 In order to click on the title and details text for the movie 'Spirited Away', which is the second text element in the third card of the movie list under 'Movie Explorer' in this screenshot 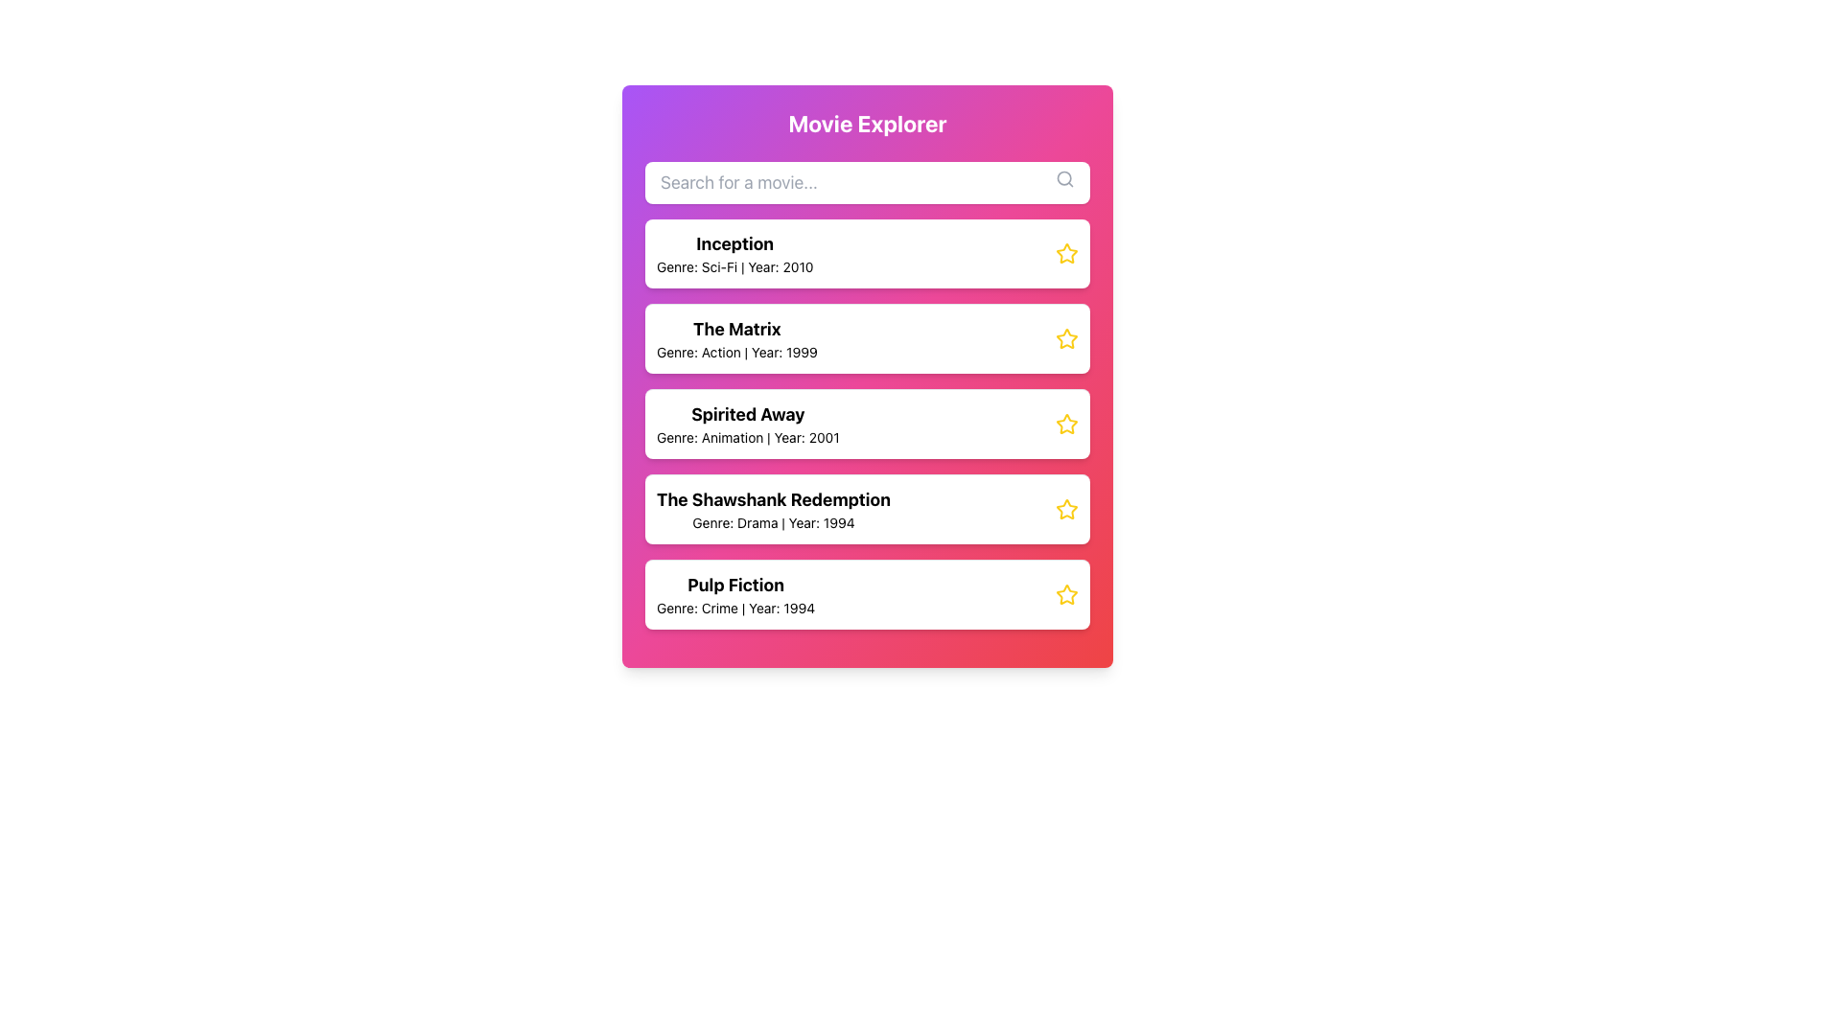, I will do `click(747, 424)`.